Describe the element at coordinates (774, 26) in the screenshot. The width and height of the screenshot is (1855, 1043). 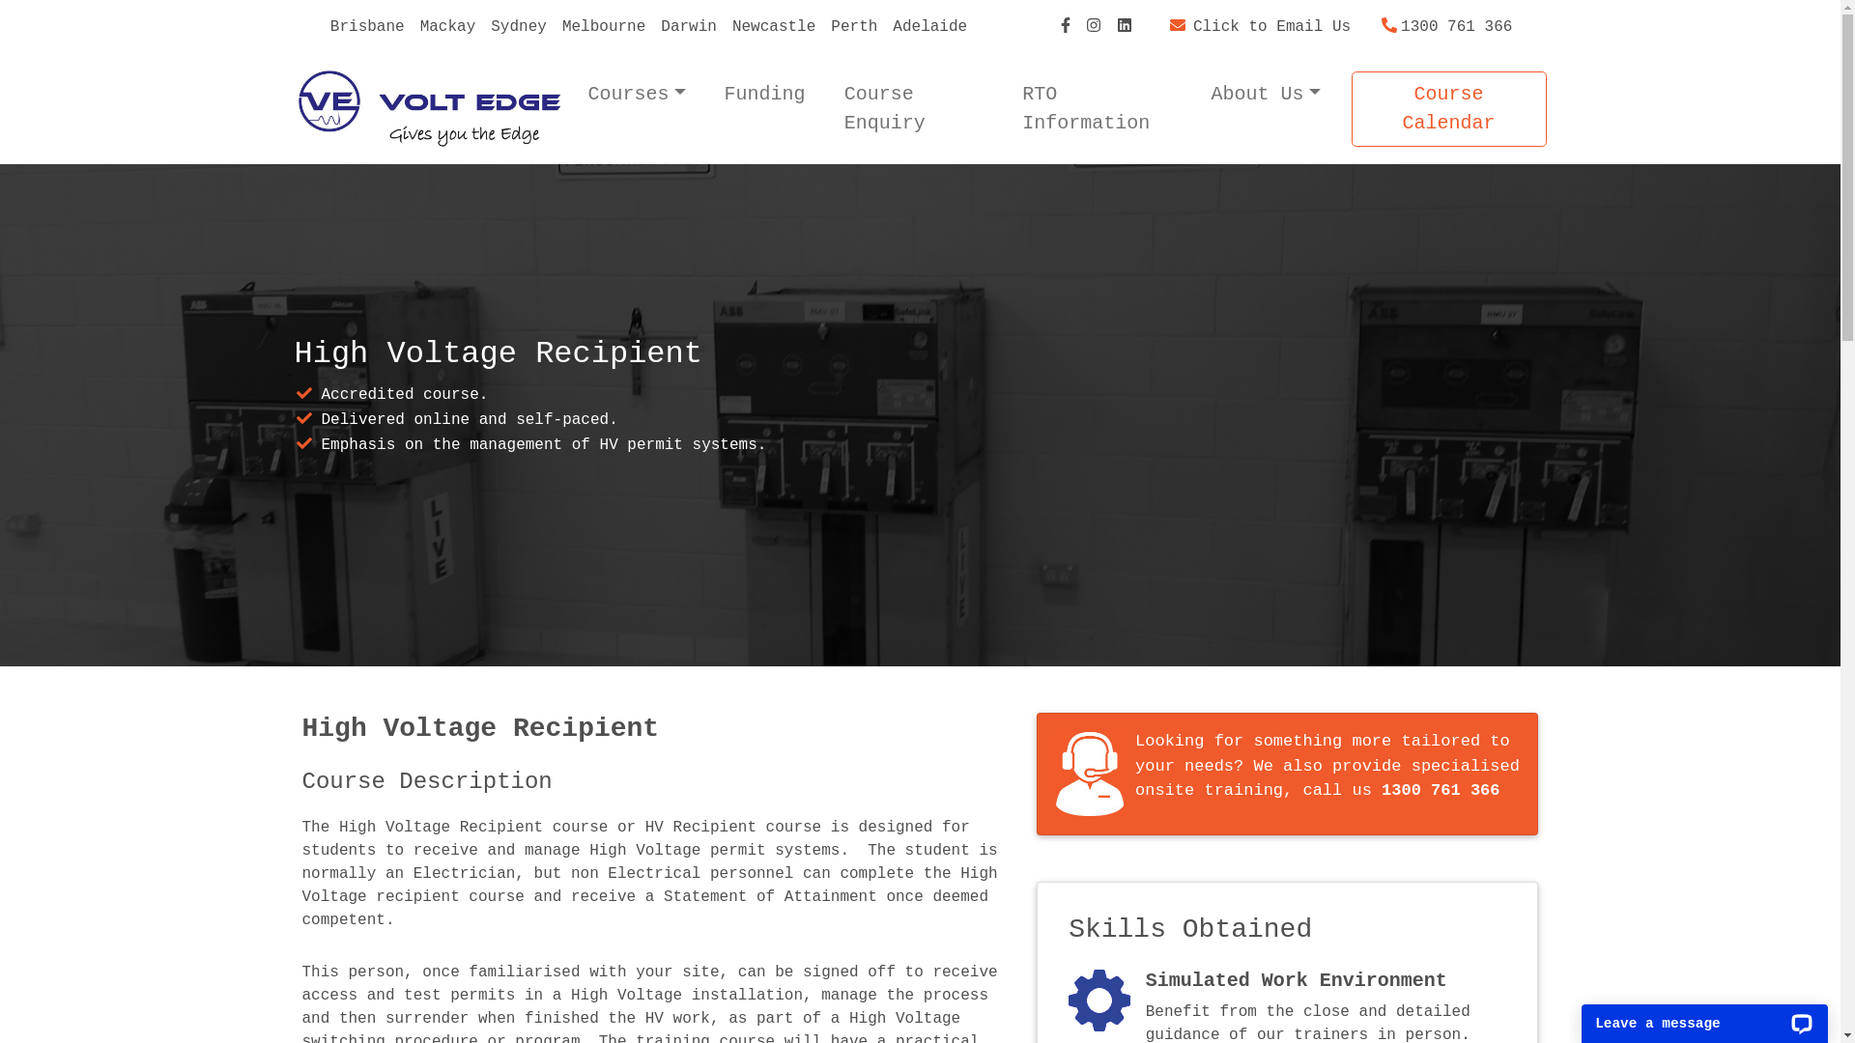
I see `'Newcastle'` at that location.